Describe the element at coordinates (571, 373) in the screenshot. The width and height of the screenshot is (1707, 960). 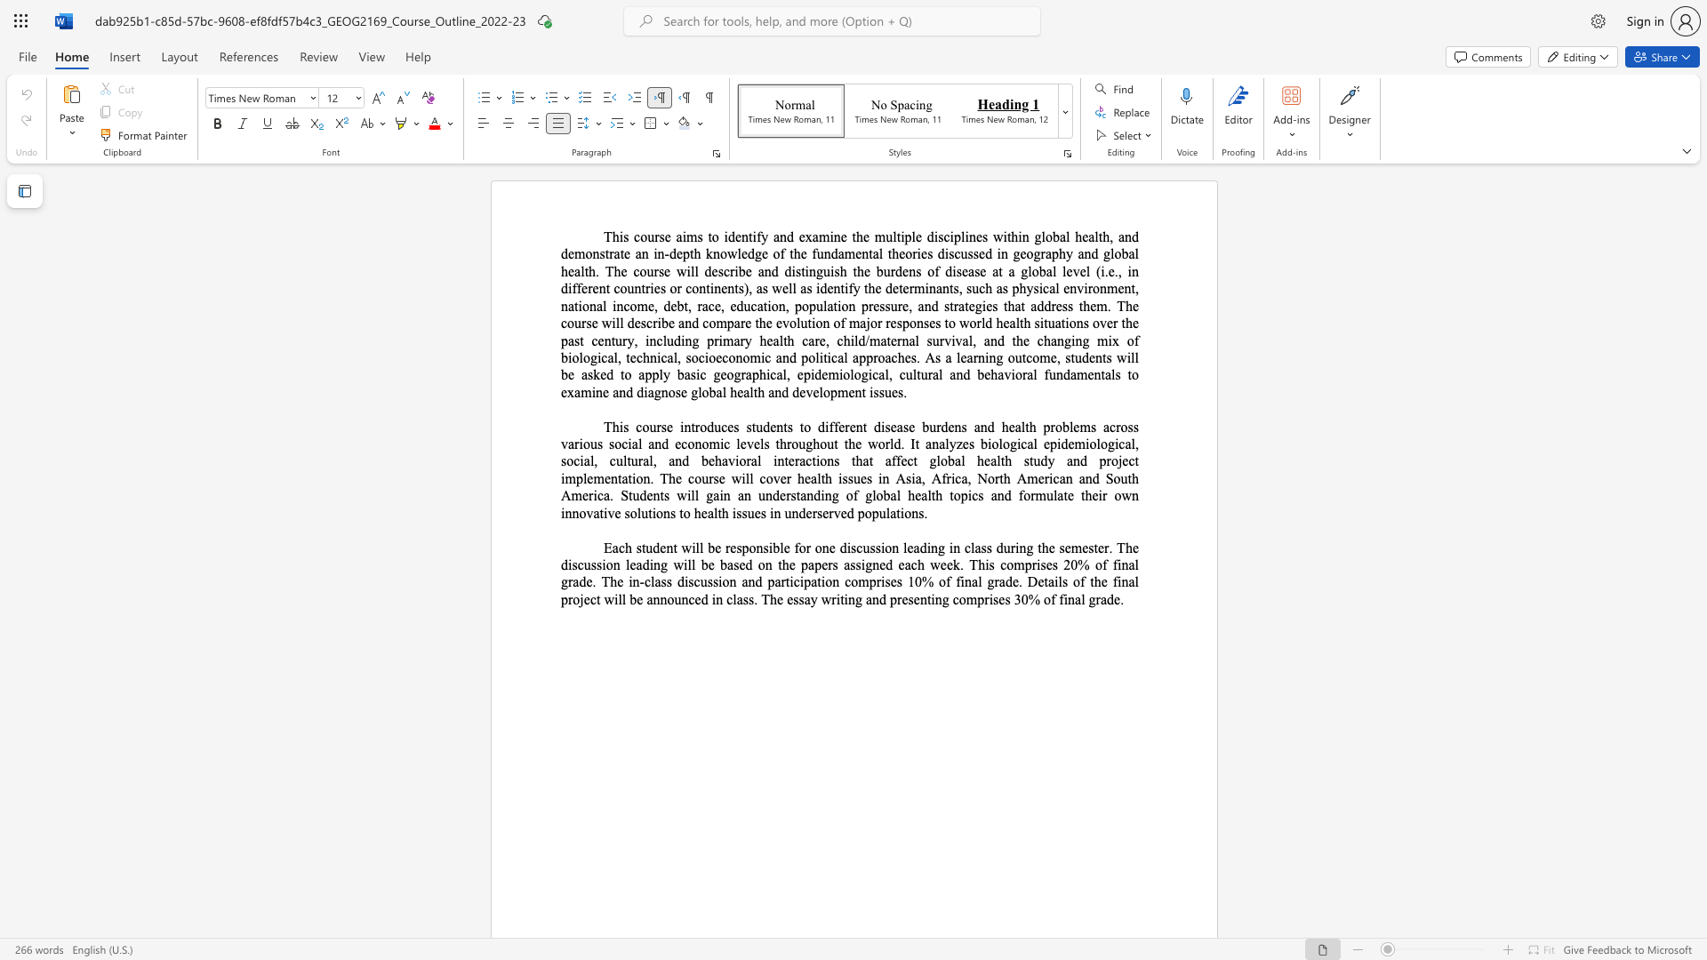
I see `the 3th character "e" in the text` at that location.